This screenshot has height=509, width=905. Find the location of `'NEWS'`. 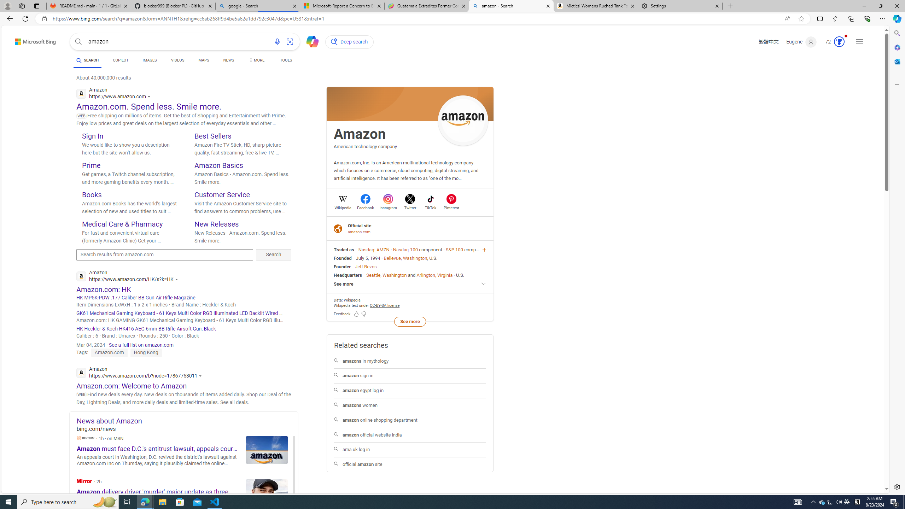

'NEWS' is located at coordinates (228, 60).